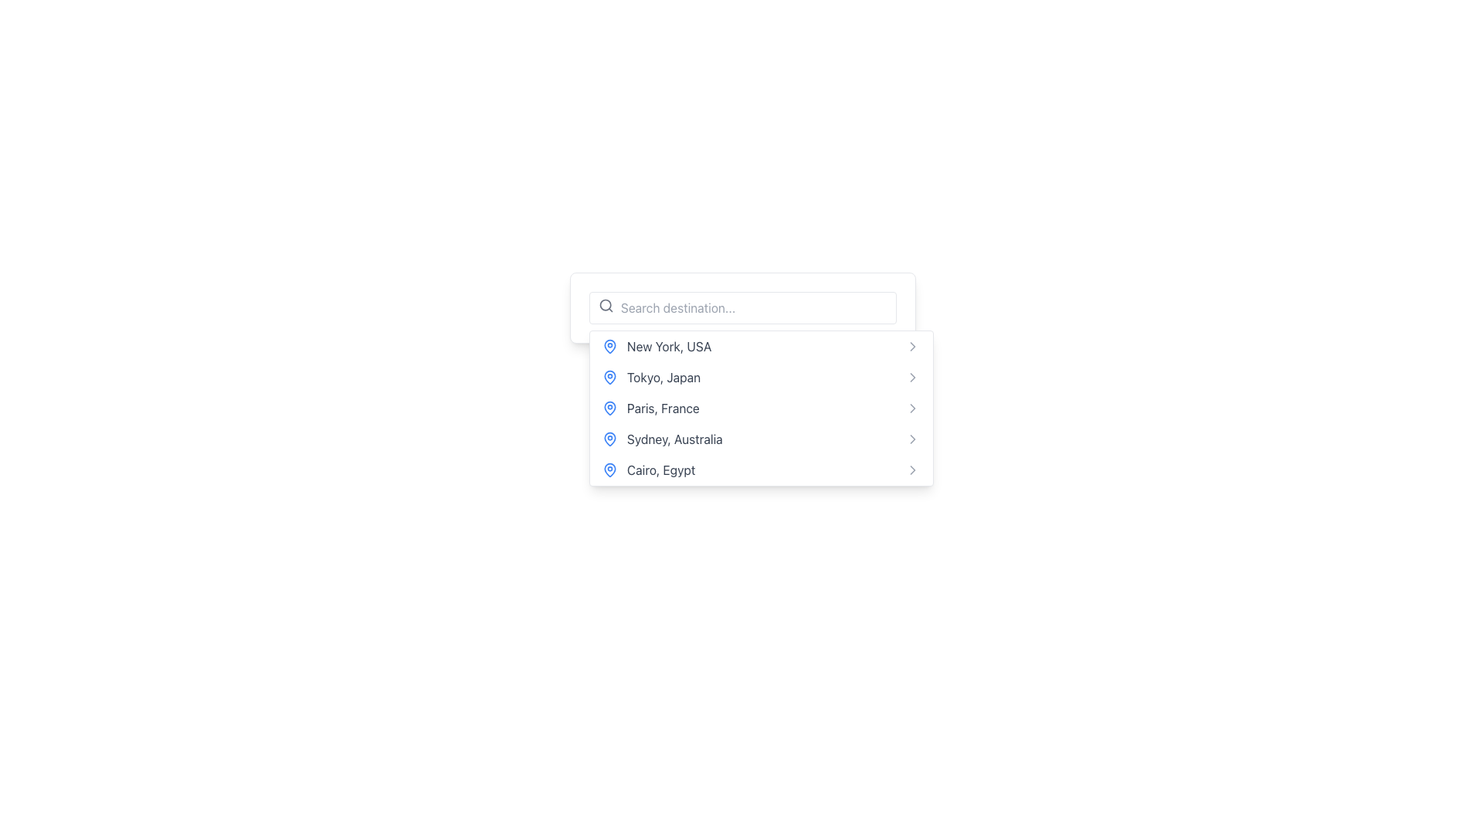 The width and height of the screenshot is (1483, 834). I want to click on the first list item displaying 'New York, USA' next to a blue location pin icon, so click(657, 345).